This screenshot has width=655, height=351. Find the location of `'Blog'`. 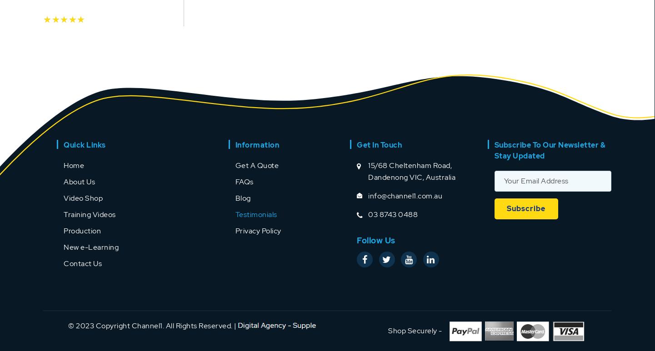

'Blog' is located at coordinates (243, 198).